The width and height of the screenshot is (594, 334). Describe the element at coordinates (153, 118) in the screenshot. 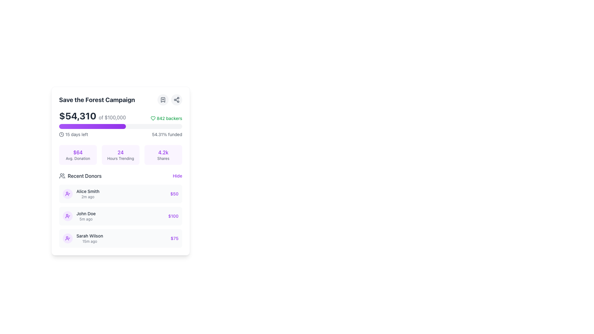

I see `the heart icon located near the top-right corner of the user interface to favorite the campaign, which is adjacent to the text '842 backers.'` at that location.